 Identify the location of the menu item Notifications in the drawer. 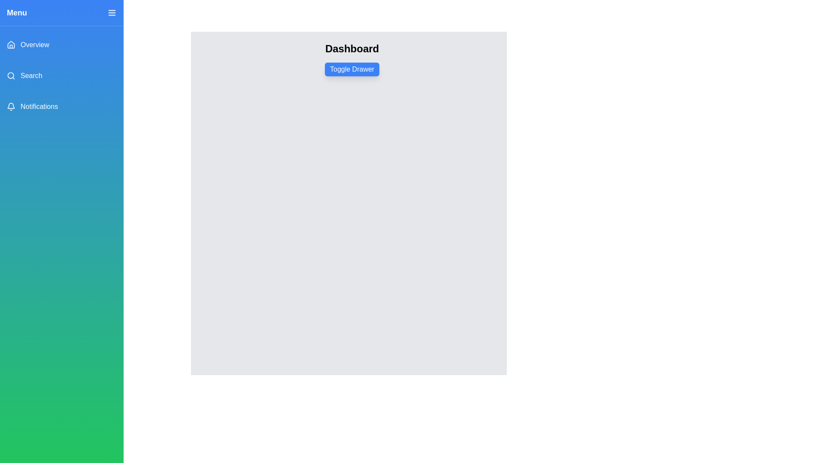
(61, 106).